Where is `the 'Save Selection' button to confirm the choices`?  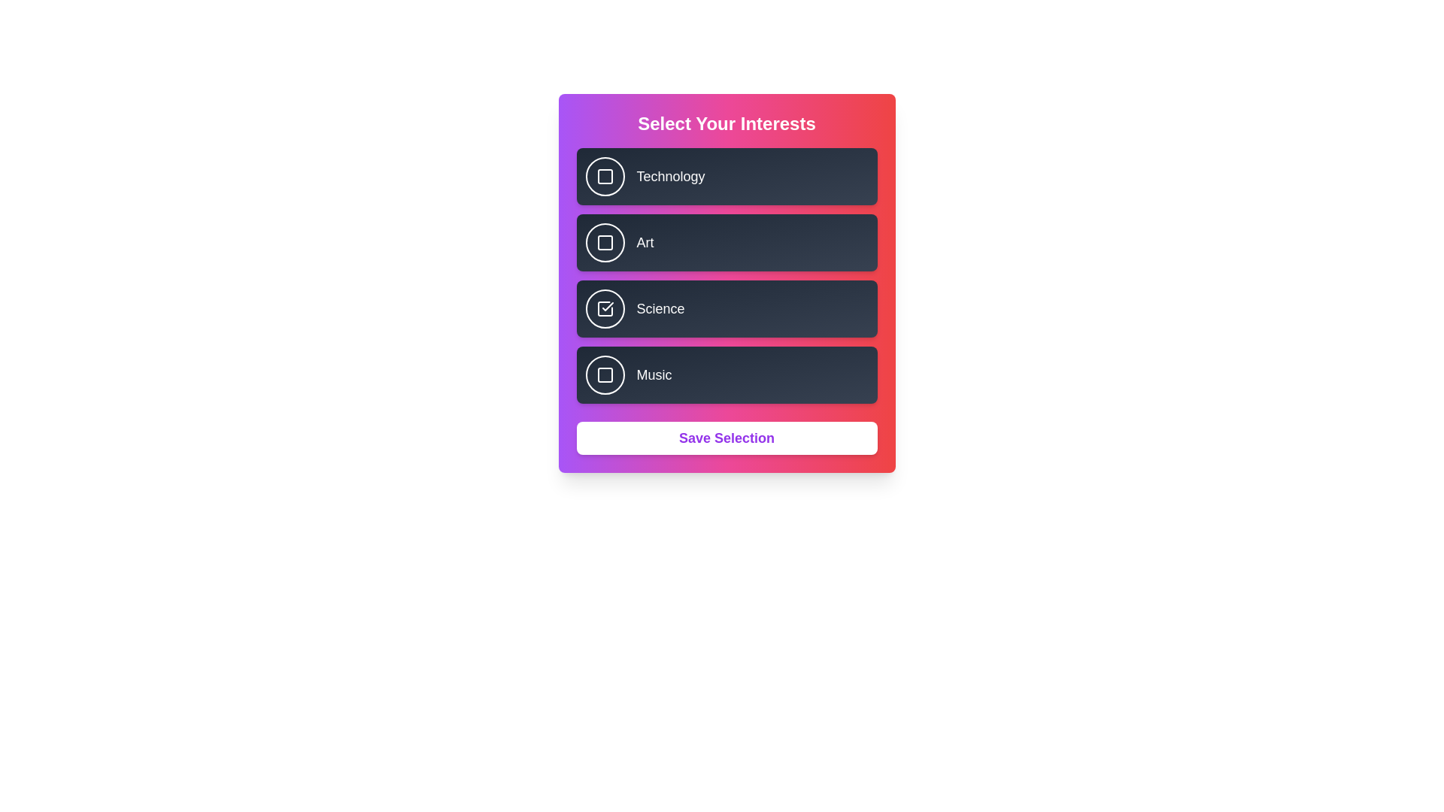
the 'Save Selection' button to confirm the choices is located at coordinates (727, 438).